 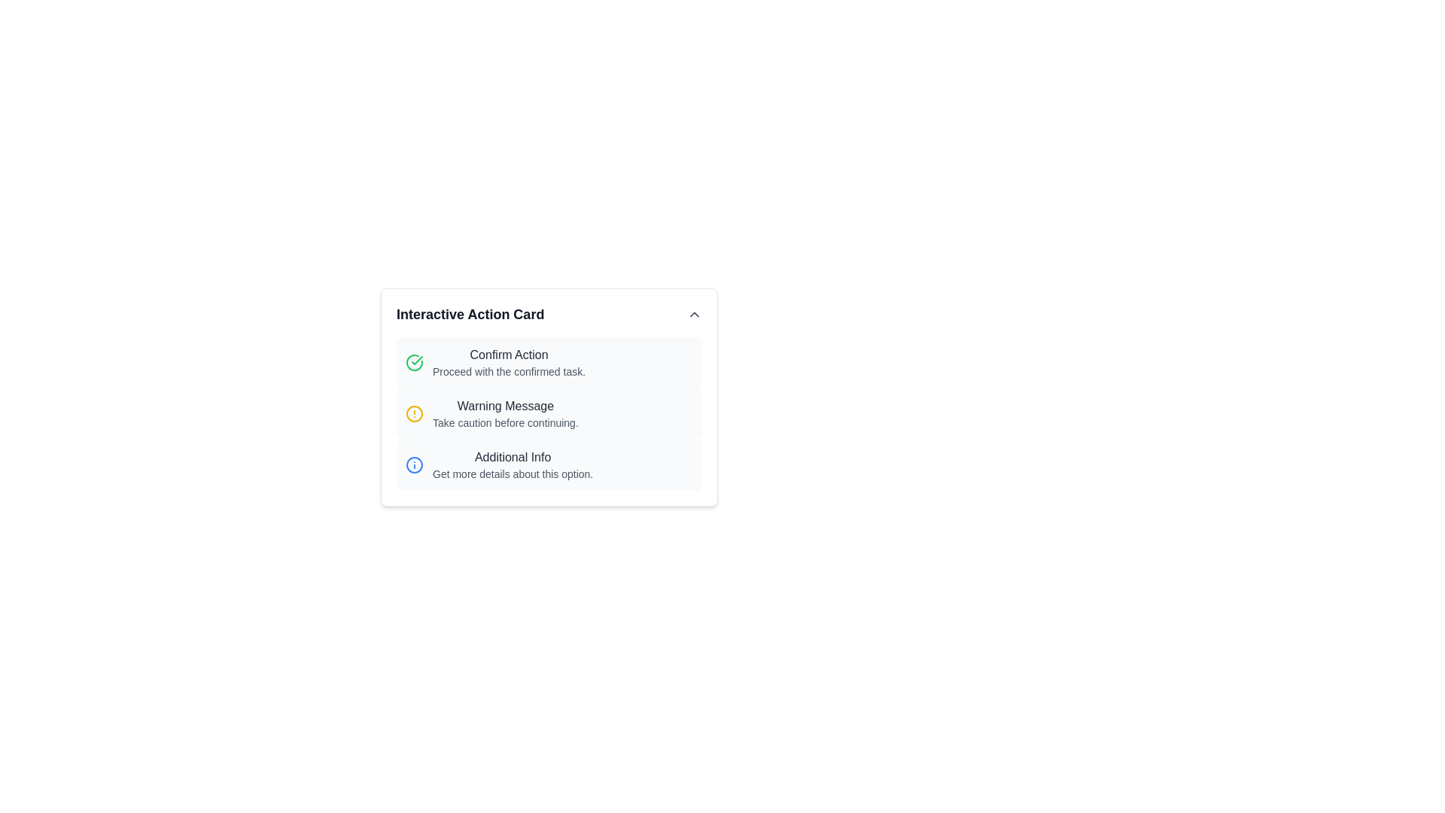 I want to click on the green circular icon with a checkmark symbol that is positioned to the left of the 'Confirm Action' text, so click(x=415, y=363).